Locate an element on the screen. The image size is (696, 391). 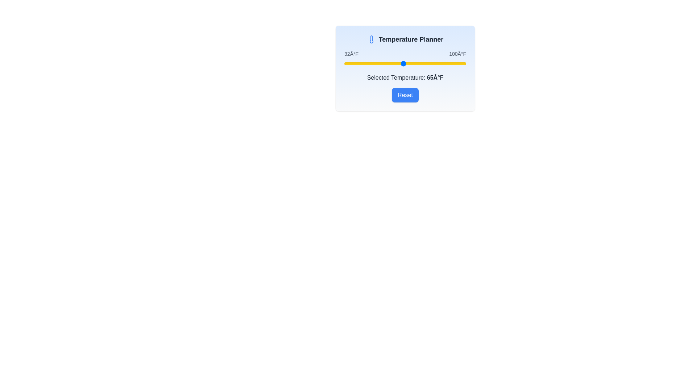
the text 'Temperature Planner' is located at coordinates (405, 39).